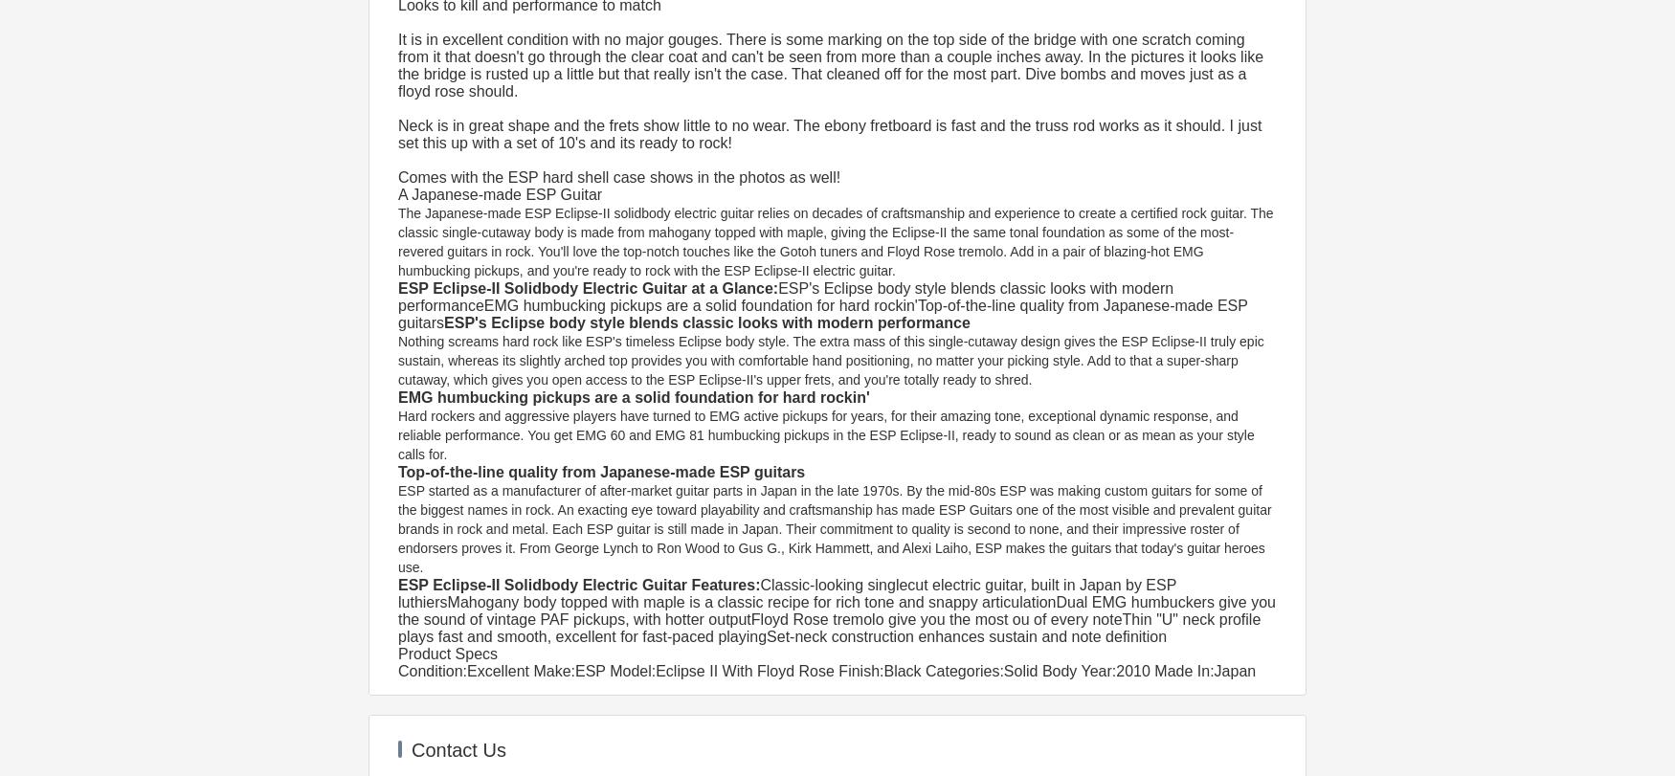  I want to click on 'The Japanese-made ESP Eclipse-II solidbody electric guitar relies on decades of craftsmanship and experience to create a certified rock guitar. The classic single-cutaway body is made from mahogany topped with maple, giving the Eclipse-II the same tonal foundation as some of the most-revered guitars in rock. You'll love the top-notch touches like the Gotoh tuners and Floyd Rose tremolo. Add in a pair of blazing-hot EMG humbucking pickups, and you're ready to rock with the ESP Eclipse-II electric guitar.', so click(837, 242).